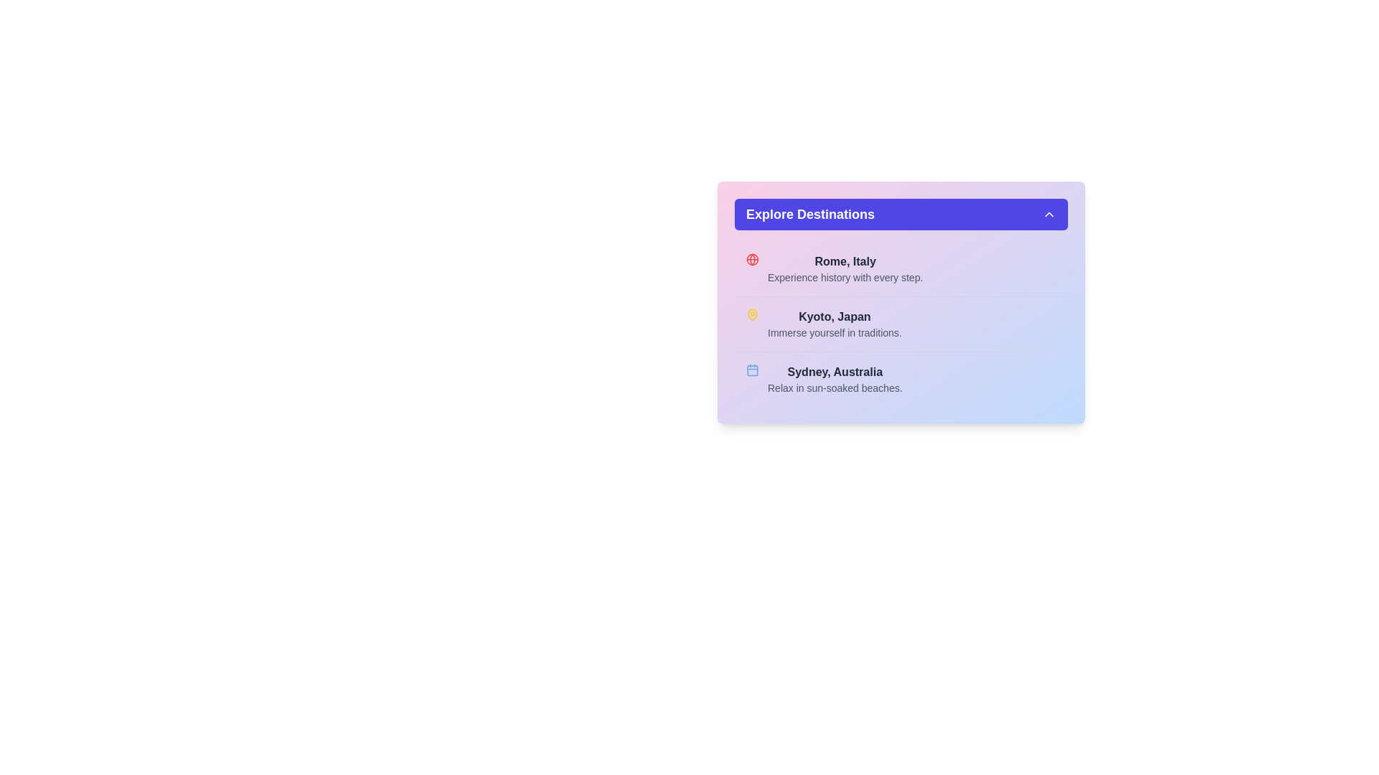  I want to click on the descriptive tagline text located below the headline 'Rome, Italy' in the 'Explore Destinations' section, so click(845, 277).